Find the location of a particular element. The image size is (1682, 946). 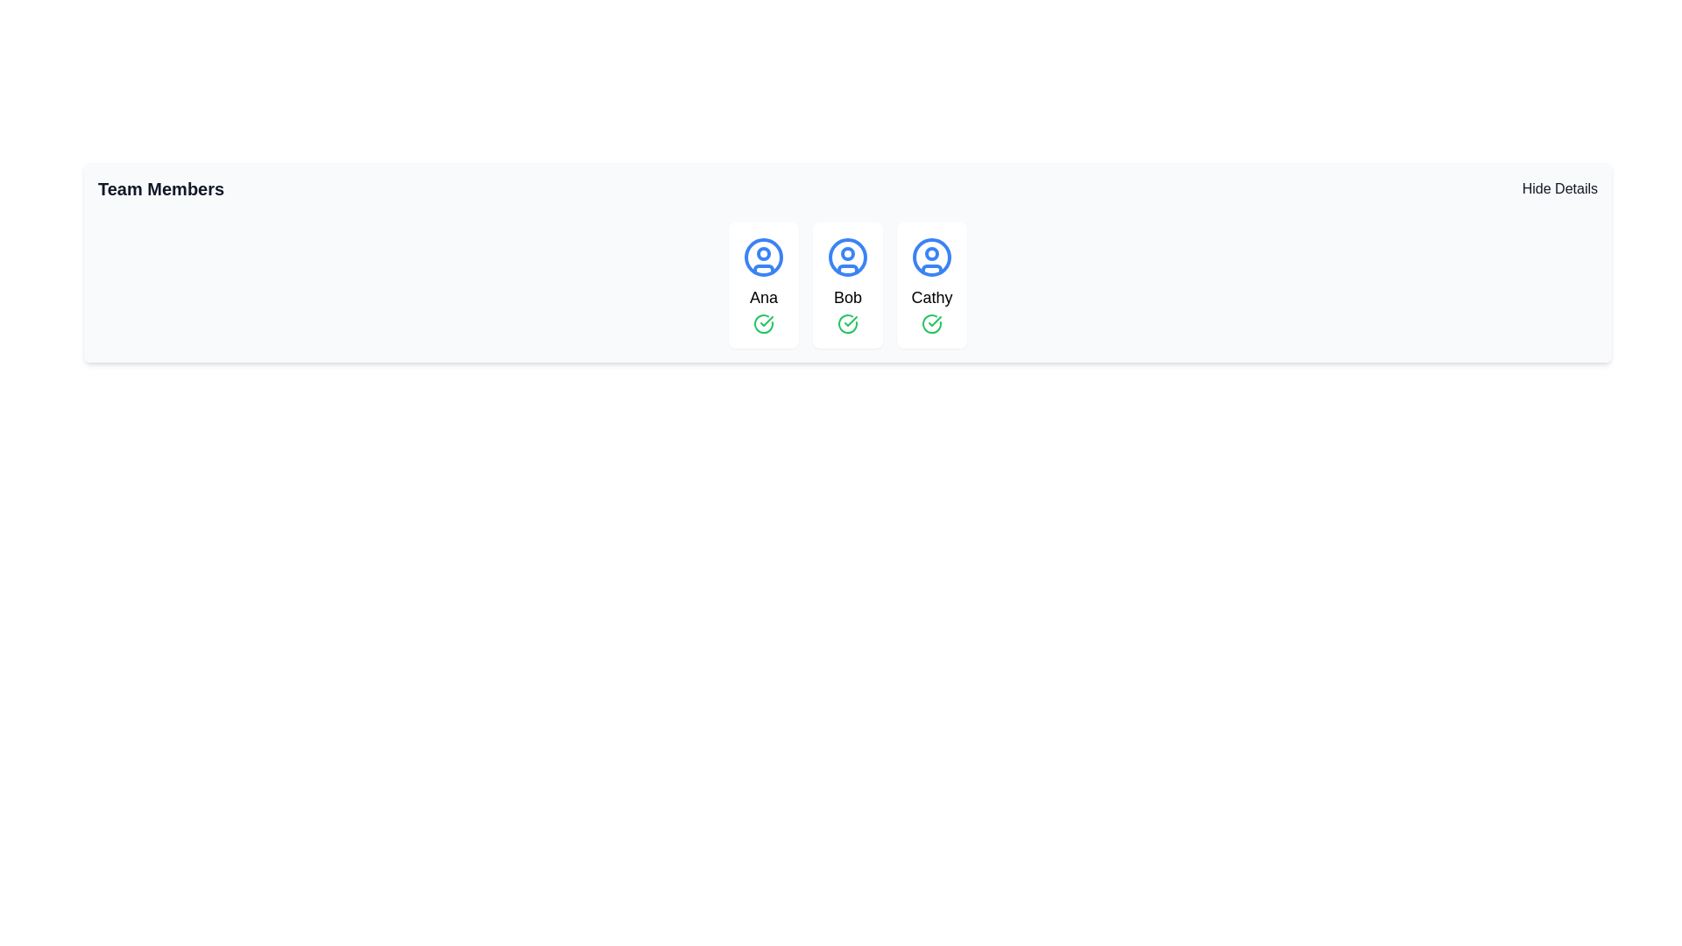

the outer circular decorative element of the user avatar graphic located in the leftmost card labelled 'Ana' is located at coordinates (764, 257).